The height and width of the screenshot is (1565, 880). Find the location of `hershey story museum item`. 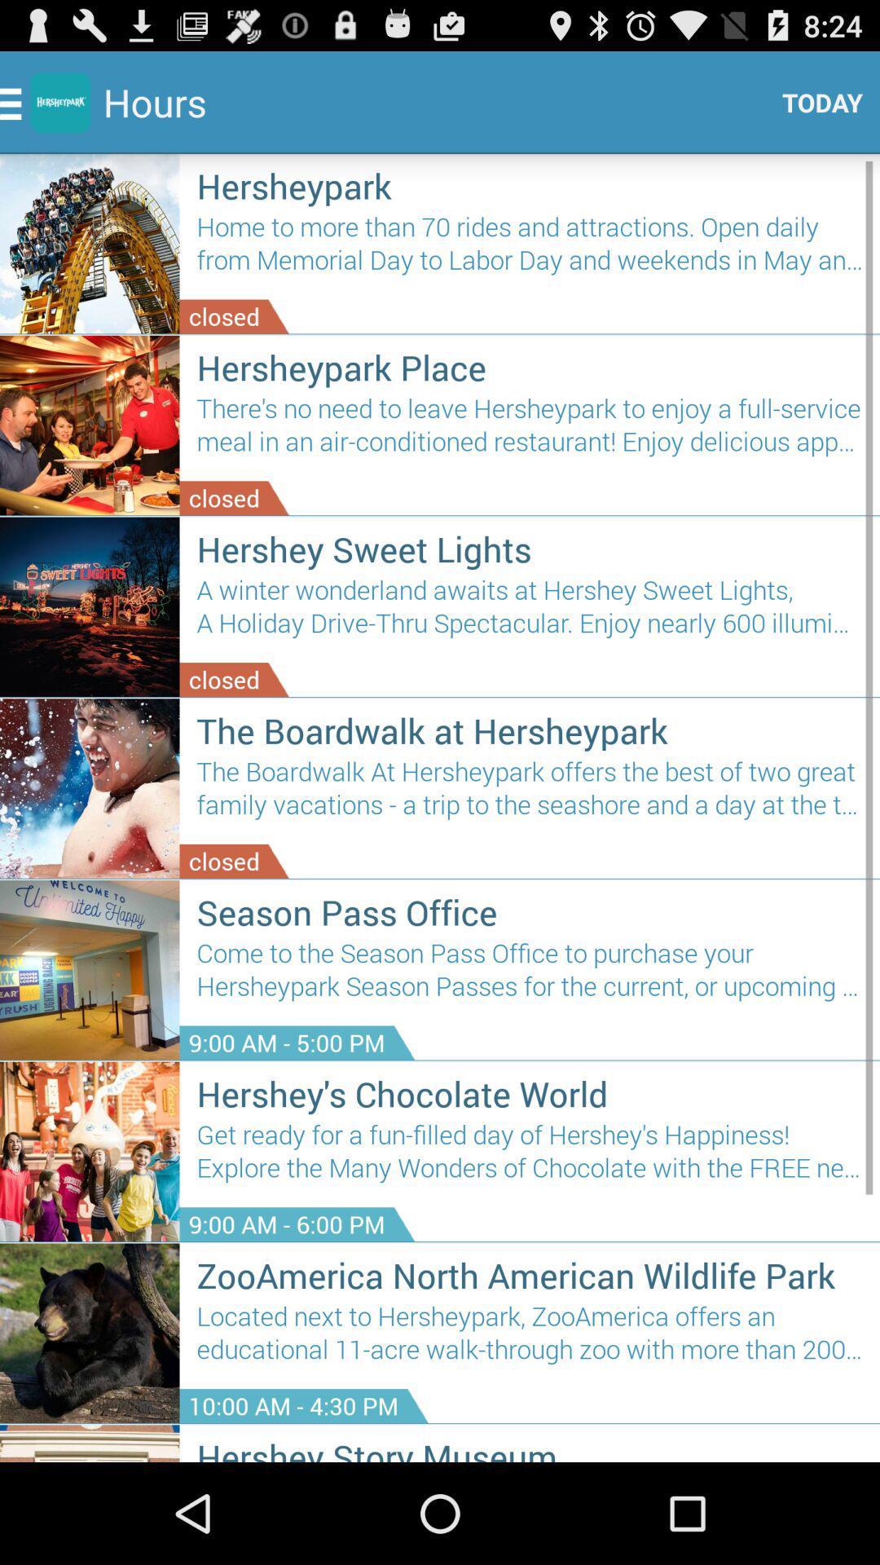

hershey story museum item is located at coordinates (530, 1448).